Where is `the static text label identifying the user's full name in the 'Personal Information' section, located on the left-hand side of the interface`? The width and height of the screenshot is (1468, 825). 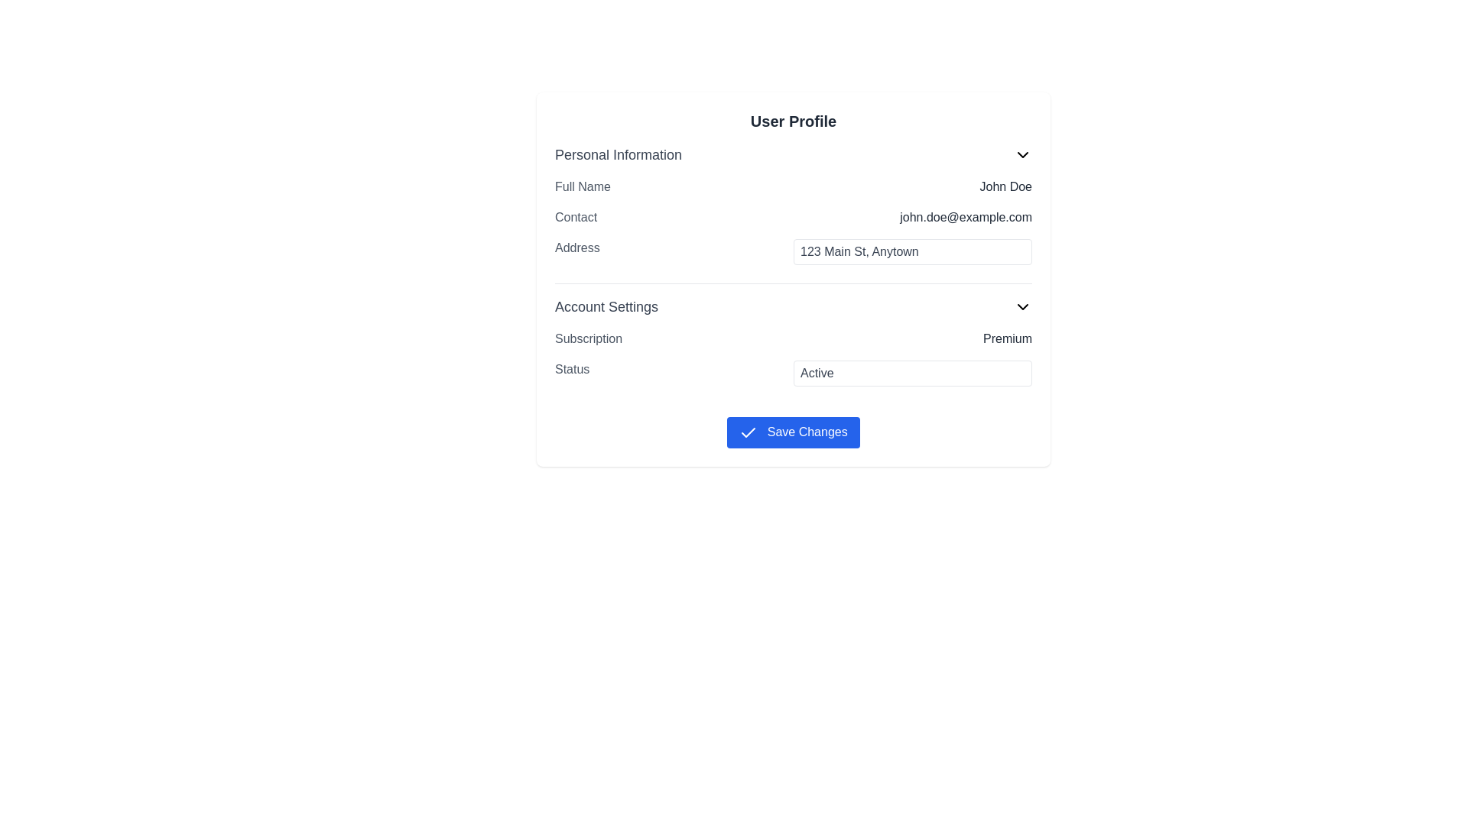 the static text label identifying the user's full name in the 'Personal Information' section, located on the left-hand side of the interface is located at coordinates (582, 186).